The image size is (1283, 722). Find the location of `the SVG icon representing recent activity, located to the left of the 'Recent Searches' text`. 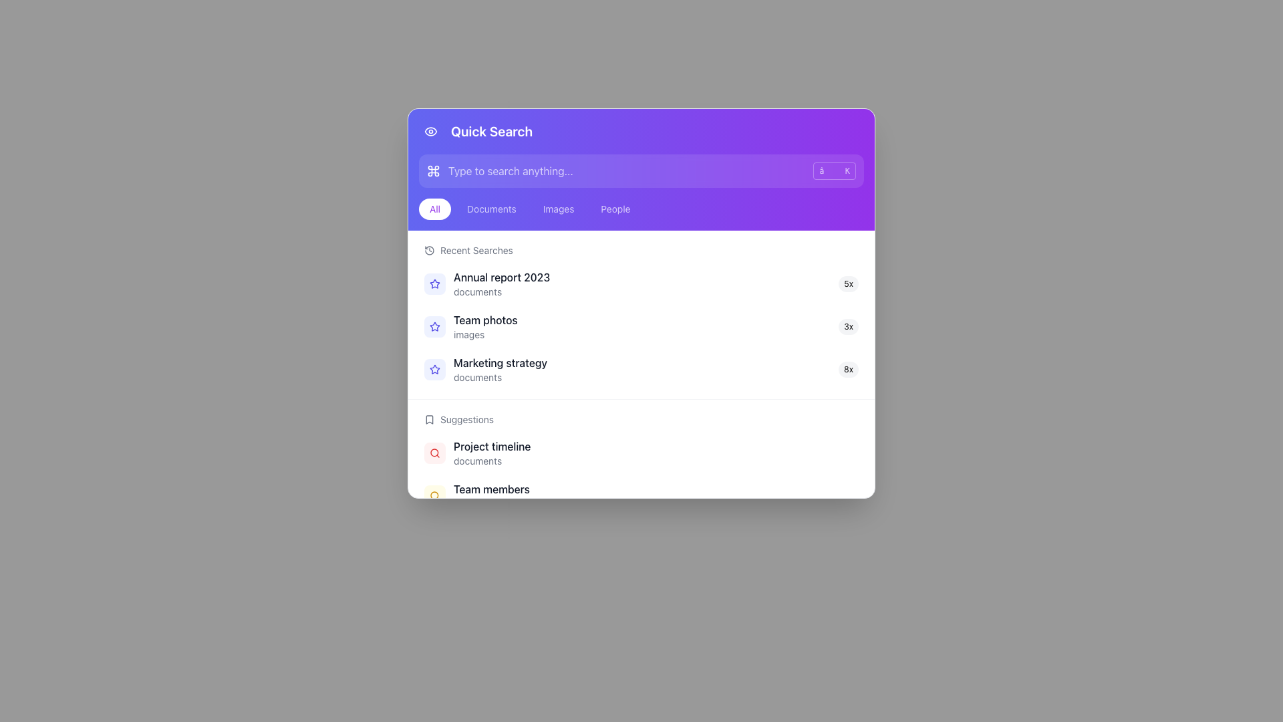

the SVG icon representing recent activity, located to the left of the 'Recent Searches' text is located at coordinates (430, 250).